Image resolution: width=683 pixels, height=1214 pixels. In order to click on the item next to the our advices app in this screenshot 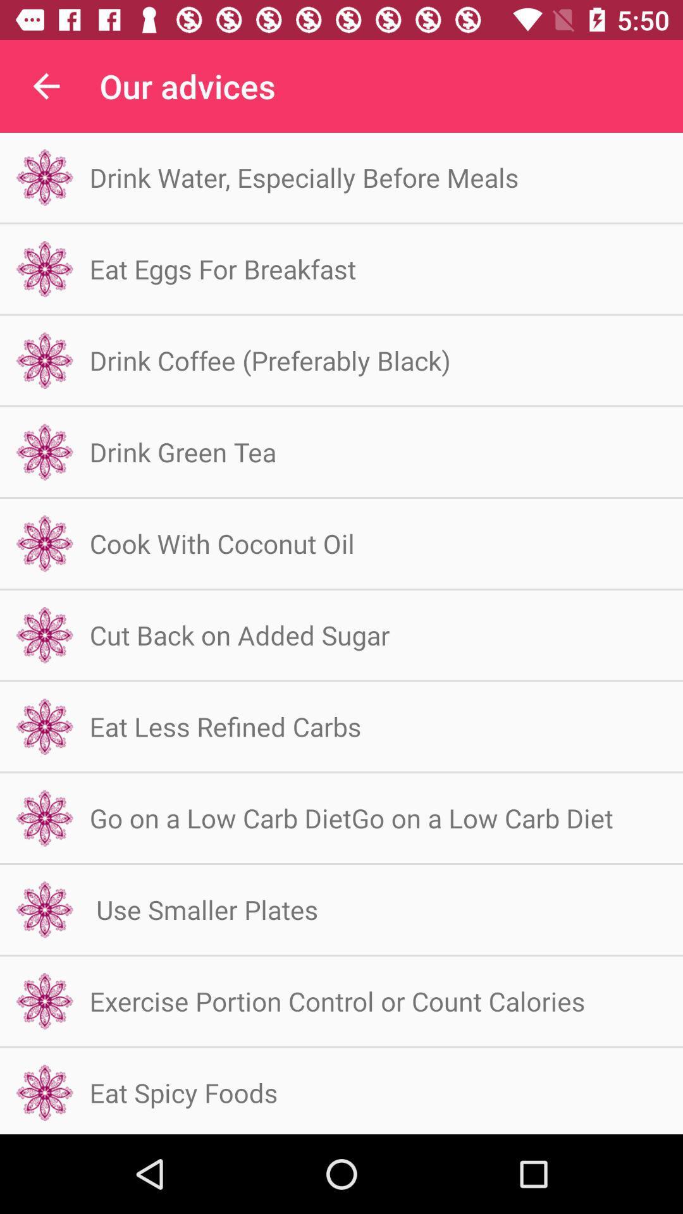, I will do `click(46, 85)`.